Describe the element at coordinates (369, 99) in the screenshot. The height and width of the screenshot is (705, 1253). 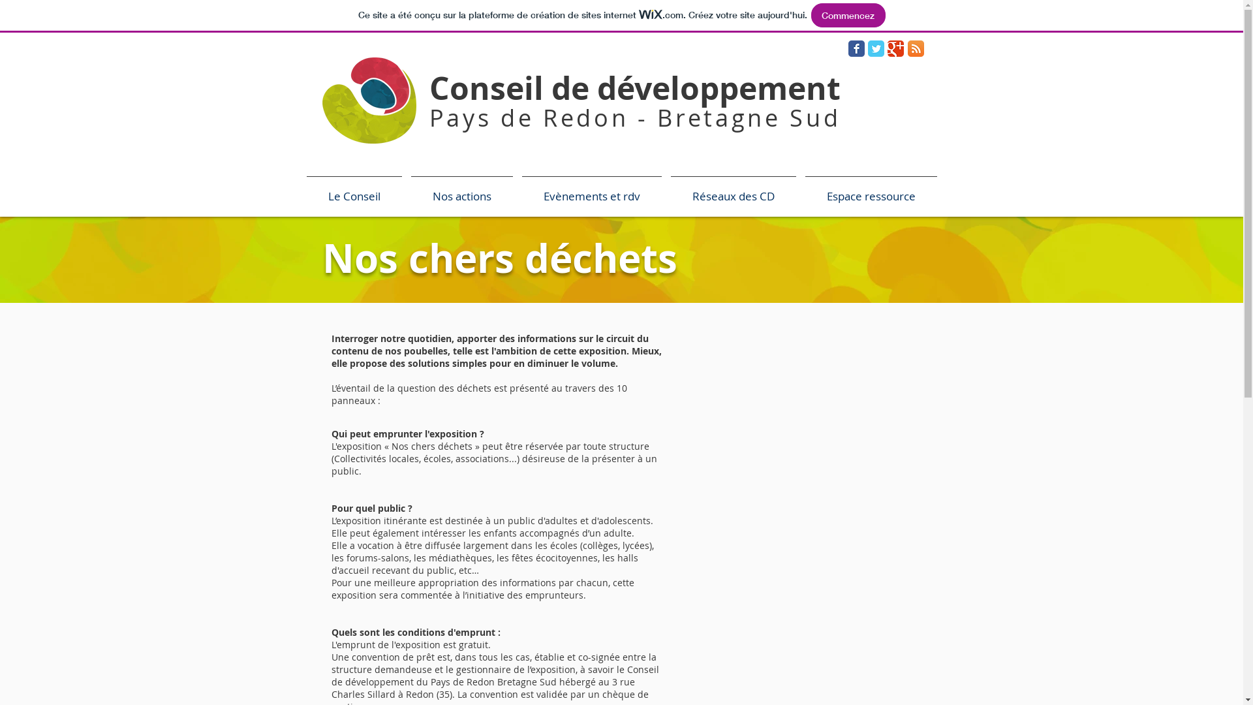
I see `'LogoTextureTriTran.png'` at that location.